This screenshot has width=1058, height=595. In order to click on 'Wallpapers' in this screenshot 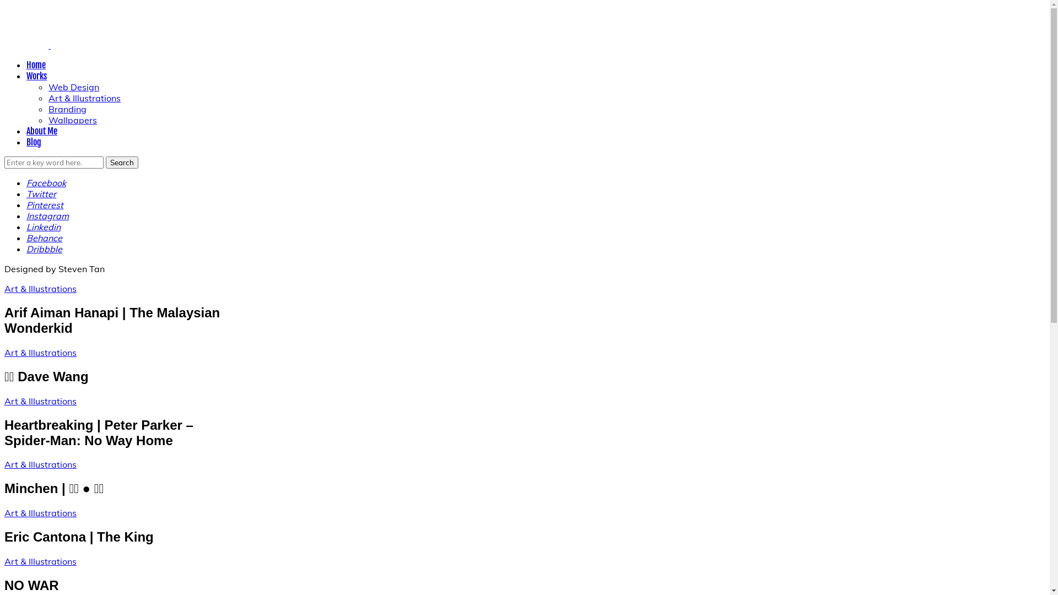, I will do `click(72, 120)`.